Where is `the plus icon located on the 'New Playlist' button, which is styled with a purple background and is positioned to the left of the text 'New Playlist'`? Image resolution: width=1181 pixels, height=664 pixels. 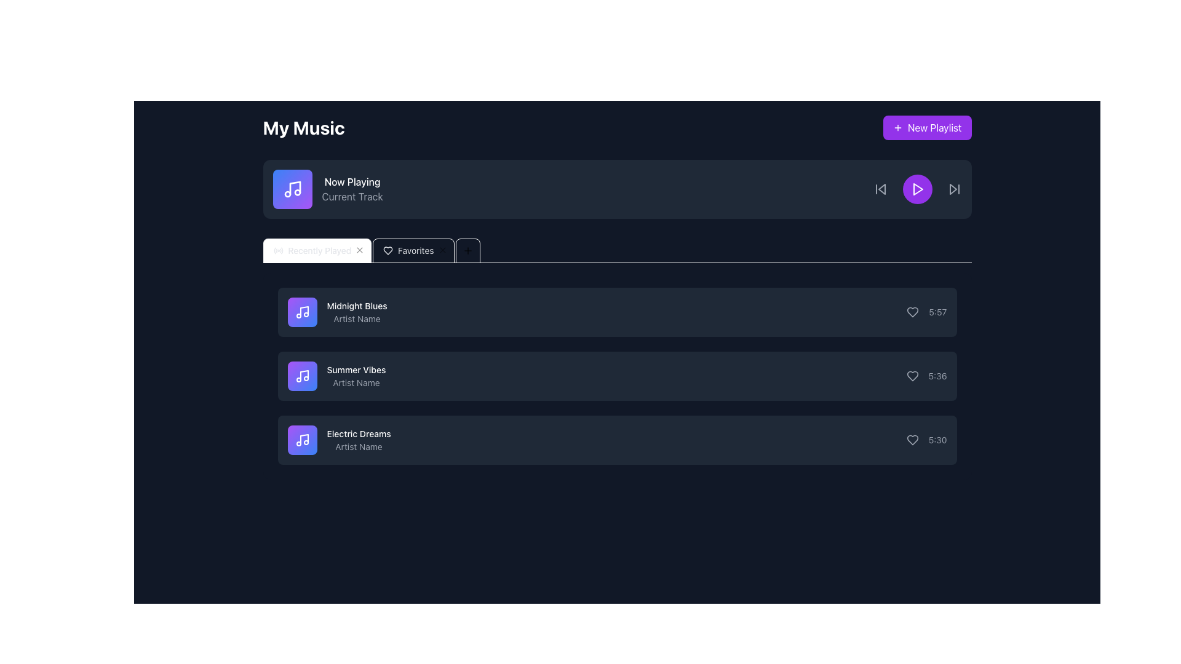
the plus icon located on the 'New Playlist' button, which is styled with a purple background and is positioned to the left of the text 'New Playlist' is located at coordinates (897, 128).